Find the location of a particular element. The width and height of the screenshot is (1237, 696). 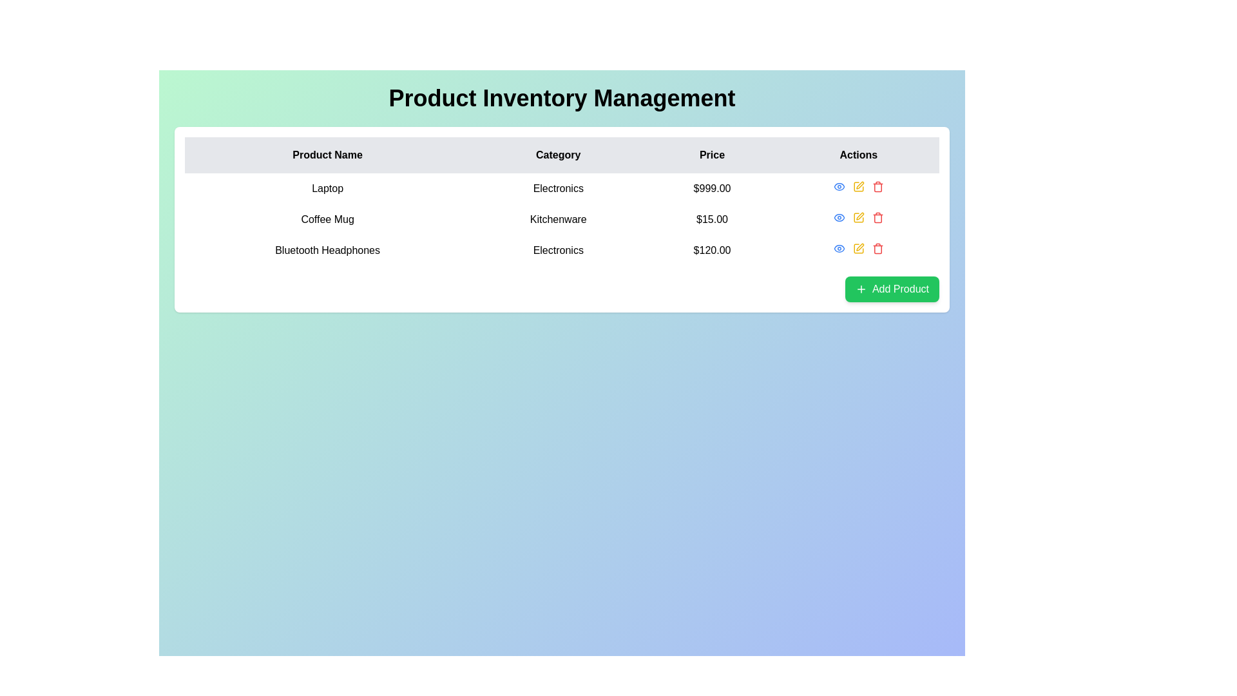

the trash or delete icon button in the 'Actions' column of the second row in the table, adjacent to 'Coffee Mug', to initiate a delete action is located at coordinates (877, 217).